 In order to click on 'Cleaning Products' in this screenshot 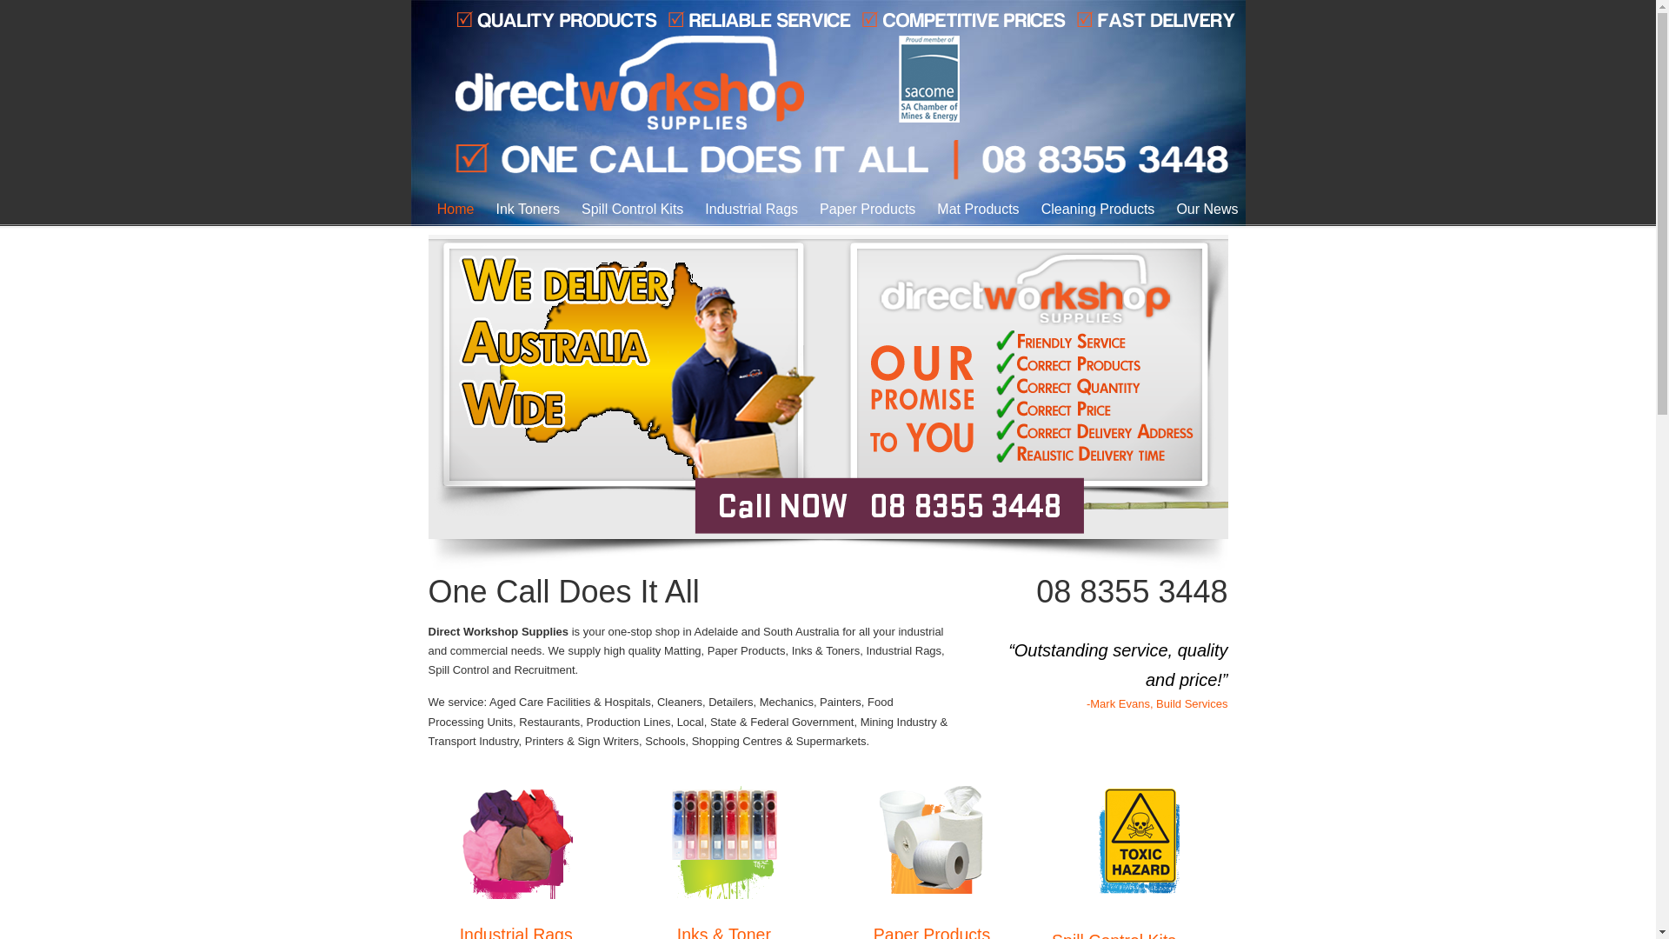, I will do `click(1092, 208)`.